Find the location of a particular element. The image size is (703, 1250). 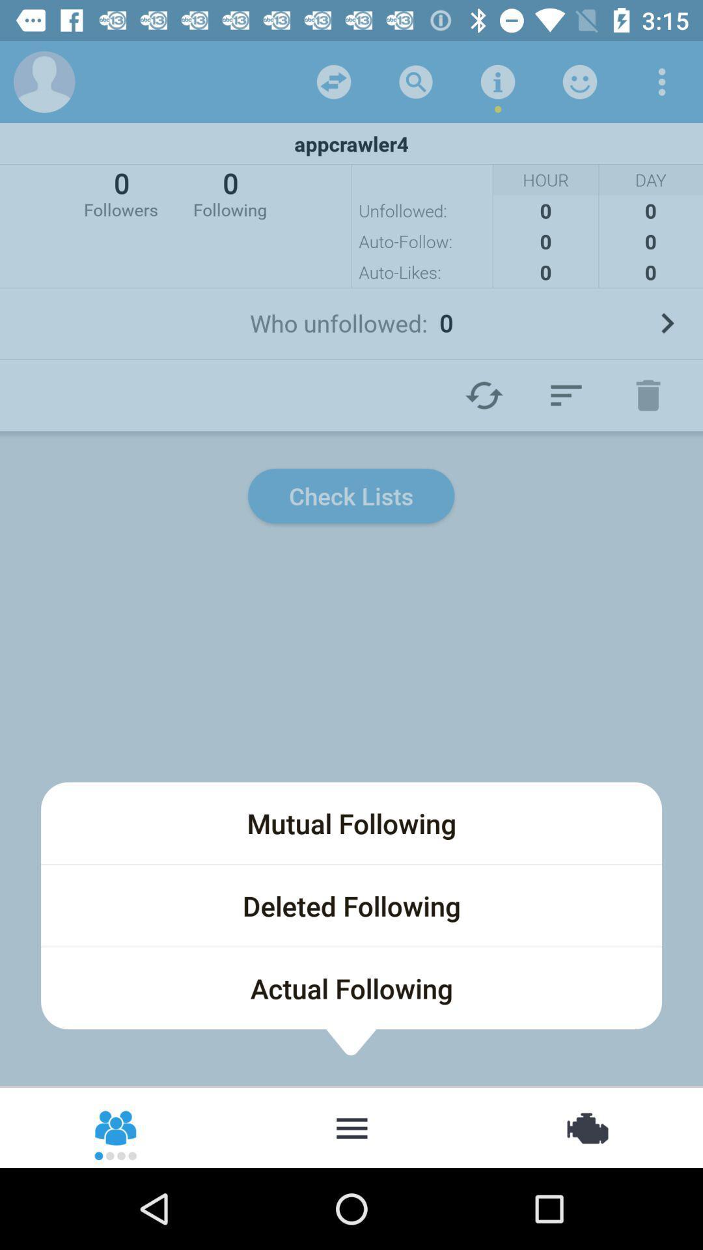

instructions is located at coordinates (497, 81).